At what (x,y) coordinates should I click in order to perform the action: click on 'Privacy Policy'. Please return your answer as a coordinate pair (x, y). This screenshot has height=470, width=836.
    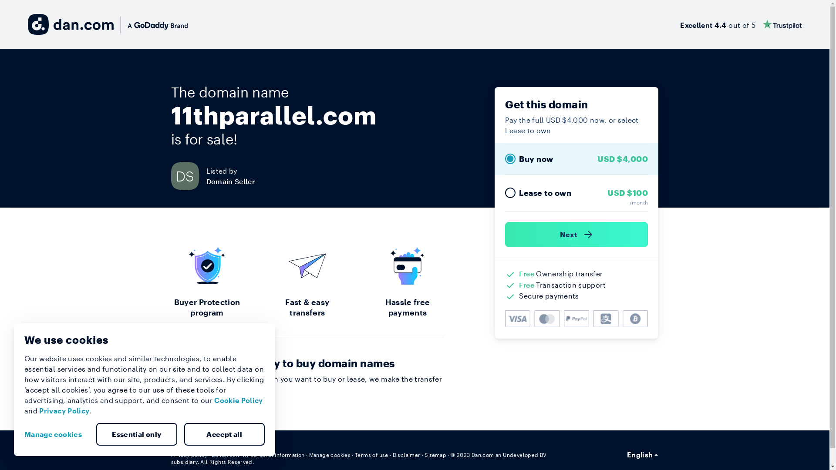
    Looking at the image, I should click on (64, 410).